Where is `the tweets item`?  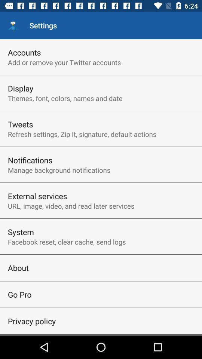
the tweets item is located at coordinates (20, 124).